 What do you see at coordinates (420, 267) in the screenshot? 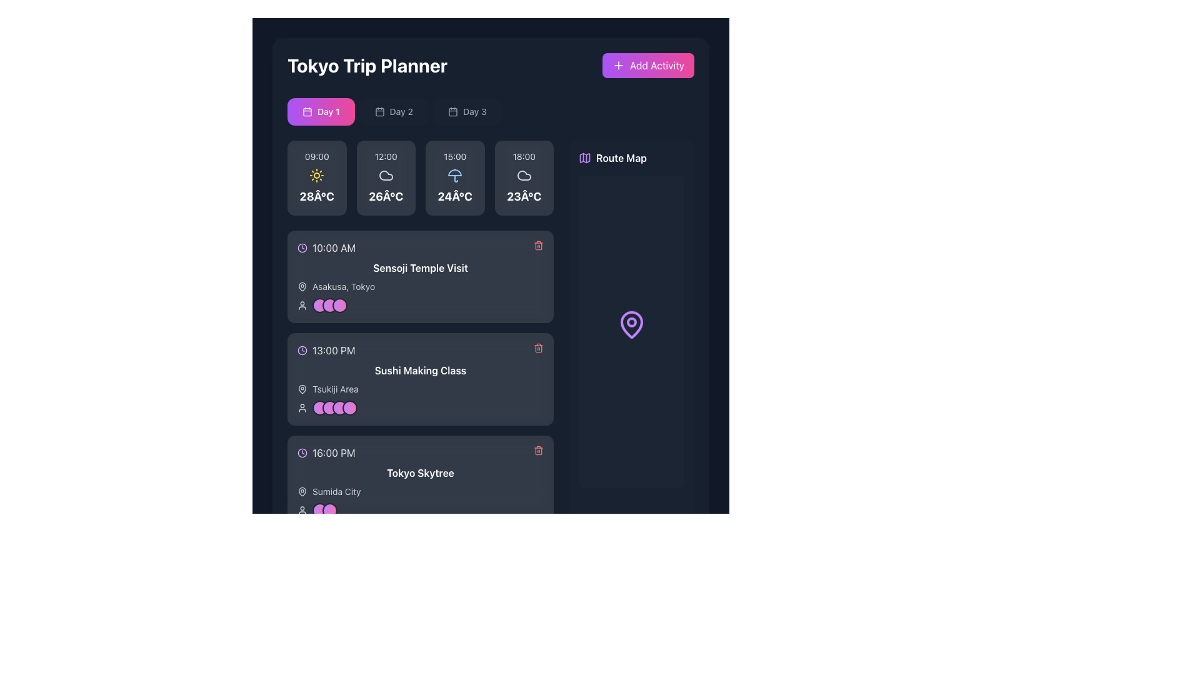
I see `text label displaying 'Sensoji Temple Visit' in bold white font, located in the trip planner interface above the location details and below the time` at bounding box center [420, 267].